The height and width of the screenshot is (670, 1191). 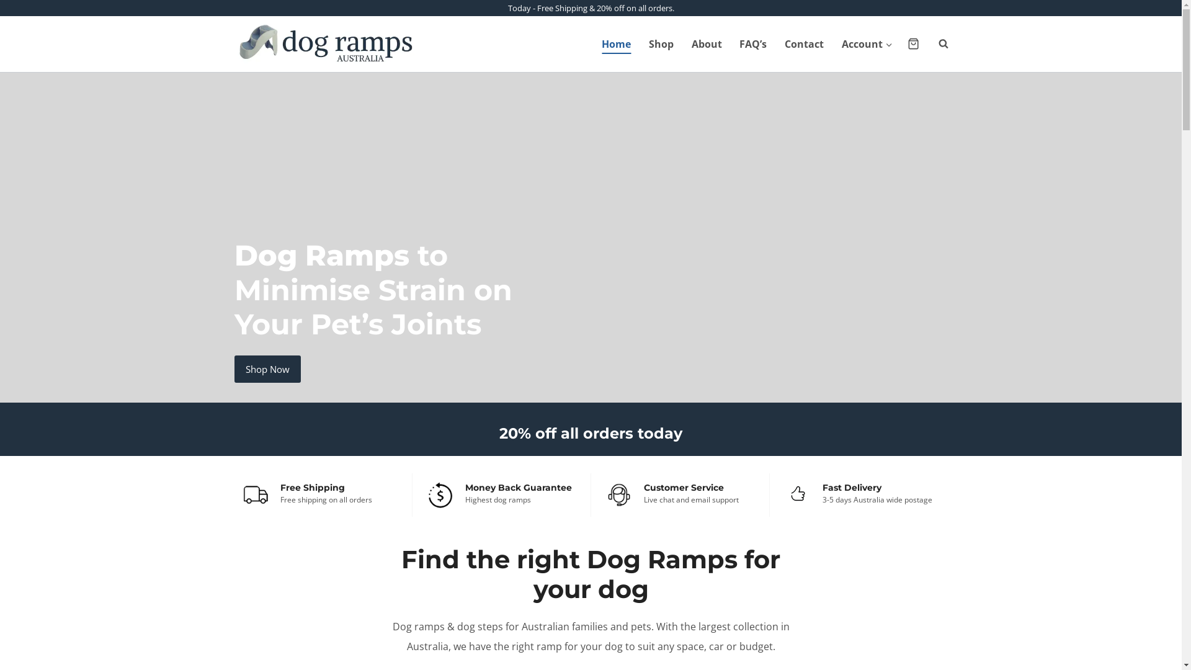 I want to click on 'Account', so click(x=867, y=43).